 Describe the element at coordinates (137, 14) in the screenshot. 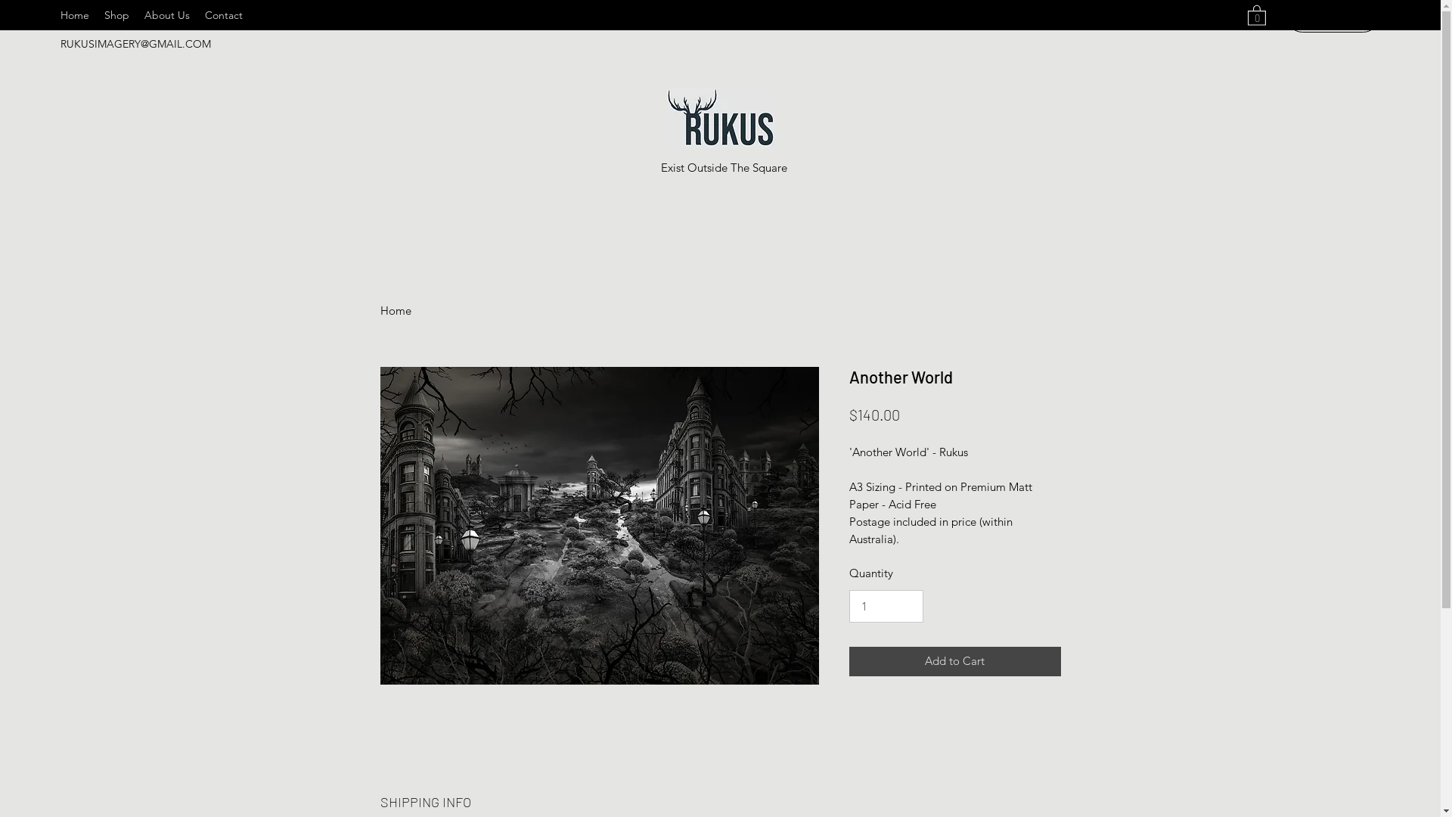

I see `'About Us'` at that location.